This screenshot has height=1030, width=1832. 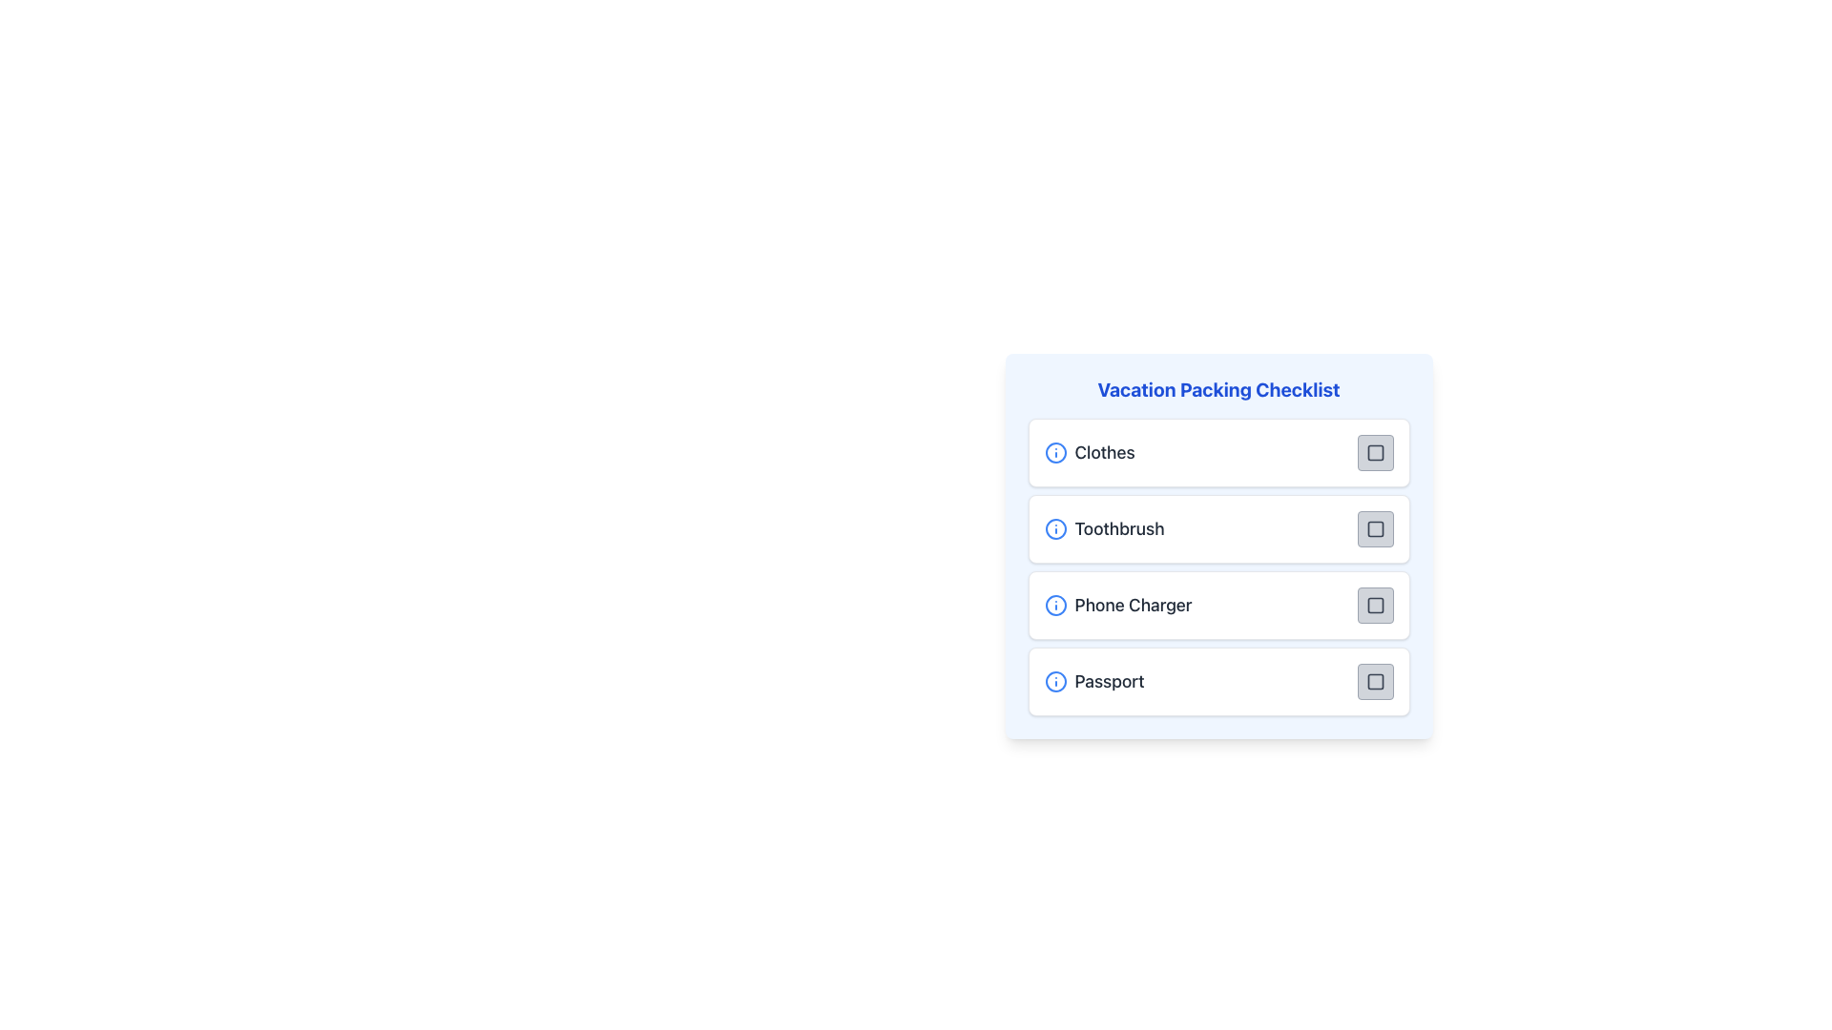 What do you see at coordinates (1105, 452) in the screenshot?
I see `text of the first Text Label in the 'Vacation Packing Checklist' that describes an item in the checklist, positioned directly beneath the section title` at bounding box center [1105, 452].